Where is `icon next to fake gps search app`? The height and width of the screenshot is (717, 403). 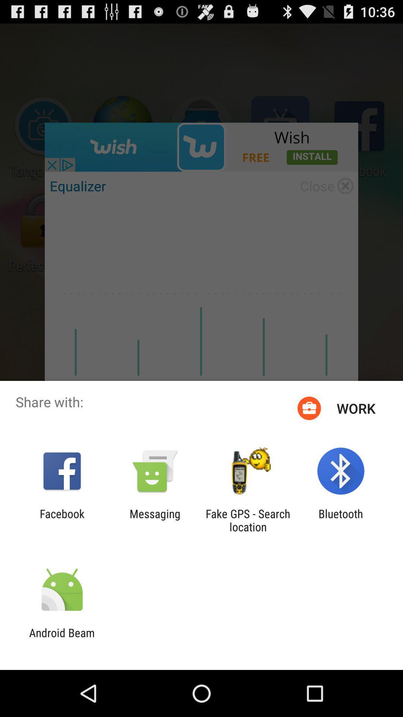
icon next to fake gps search app is located at coordinates (341, 520).